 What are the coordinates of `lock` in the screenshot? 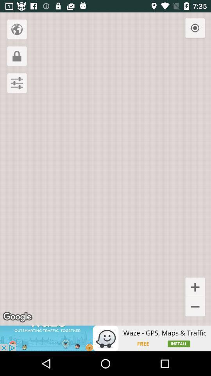 It's located at (17, 56).